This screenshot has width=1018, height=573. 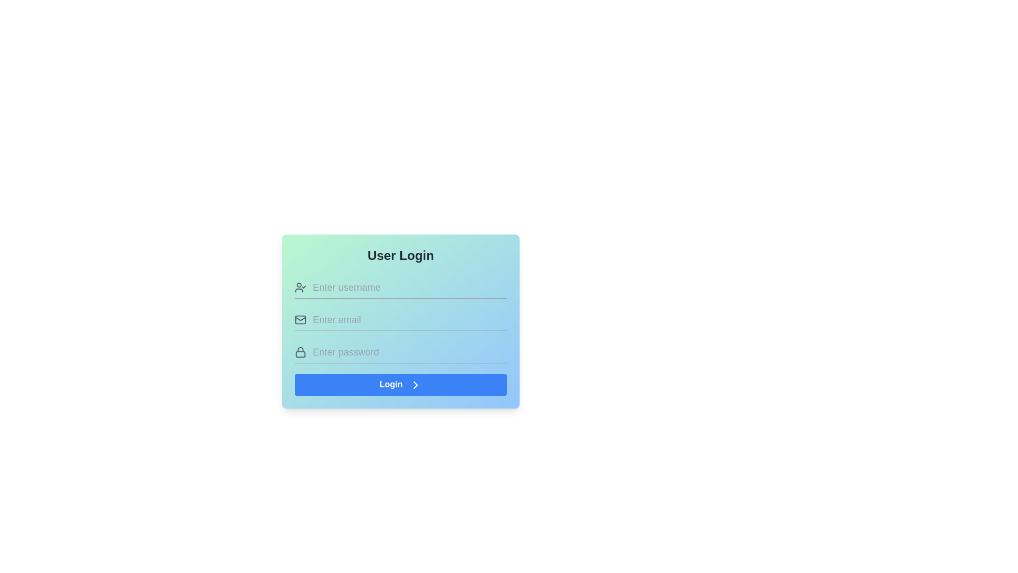 What do you see at coordinates (300, 352) in the screenshot?
I see `the visual indicator icon for the password field, positioned to the left of the password input field in the login form` at bounding box center [300, 352].